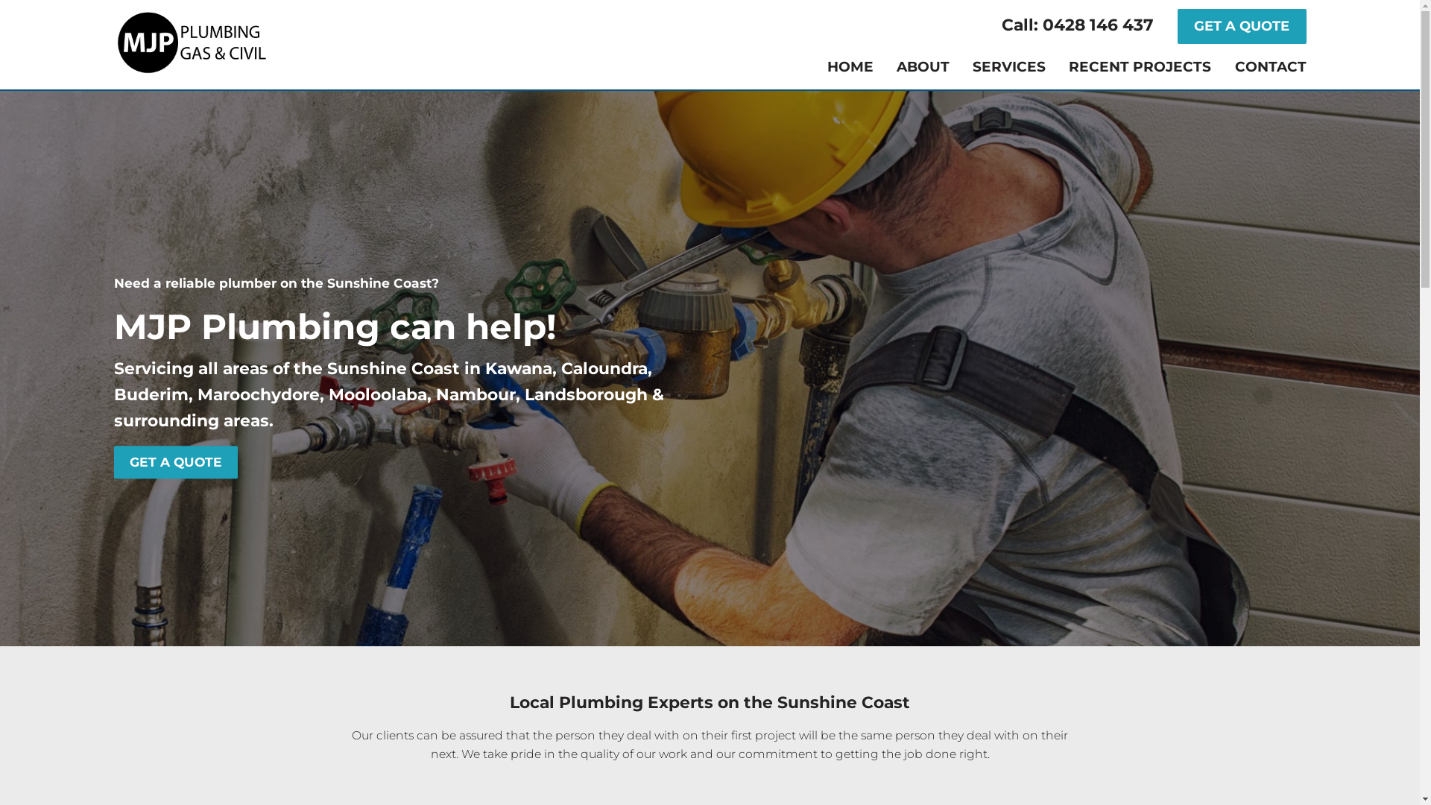 Image resolution: width=1431 pixels, height=805 pixels. What do you see at coordinates (1269, 67) in the screenshot?
I see `'CONTACT'` at bounding box center [1269, 67].